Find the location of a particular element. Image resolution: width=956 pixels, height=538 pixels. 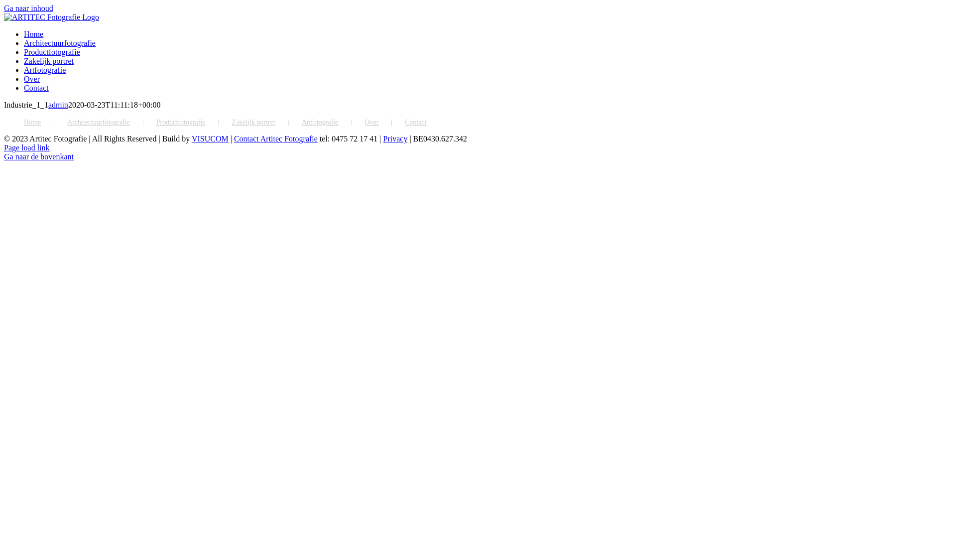

'admin' is located at coordinates (57, 105).